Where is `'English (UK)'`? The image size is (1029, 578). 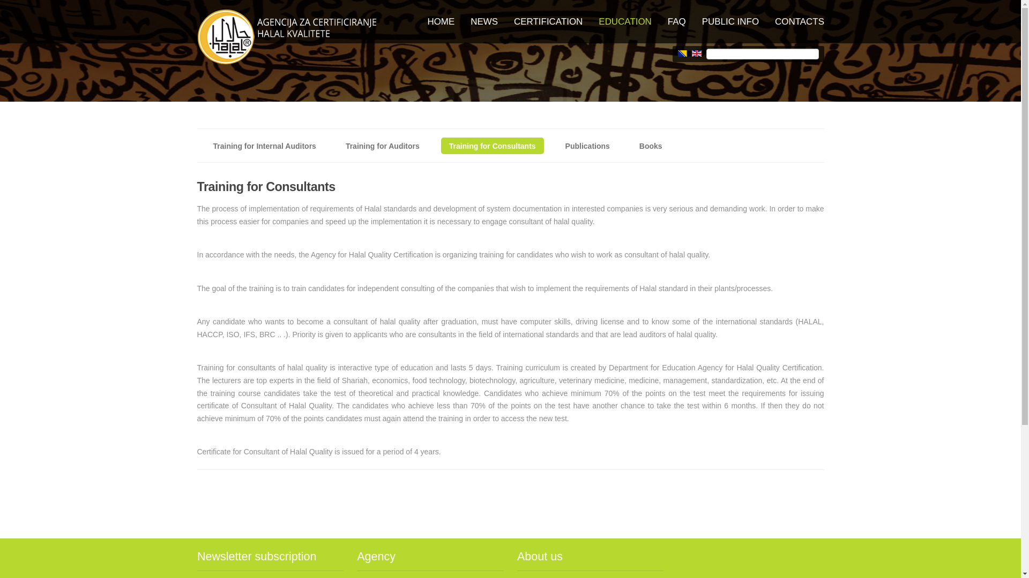 'English (UK)' is located at coordinates (691, 54).